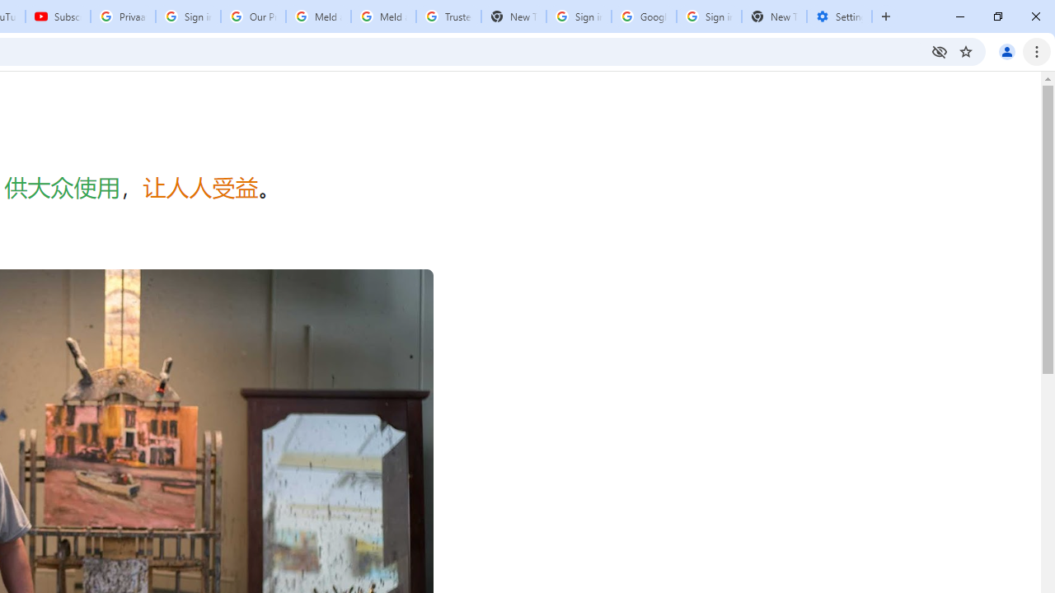 The height and width of the screenshot is (593, 1055). Describe the element at coordinates (58, 16) in the screenshot. I see `'Subscriptions - YouTube'` at that location.